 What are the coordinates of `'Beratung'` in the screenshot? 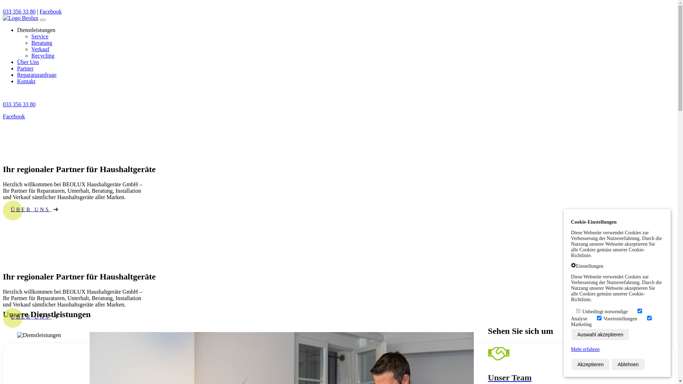 It's located at (41, 43).